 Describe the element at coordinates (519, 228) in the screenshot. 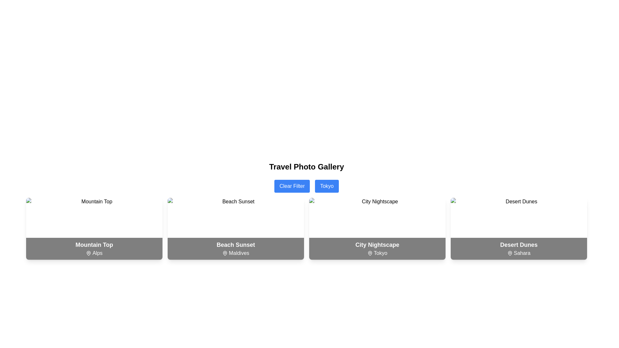

I see `the 'Desert Dunes' card in the photo gallery` at that location.